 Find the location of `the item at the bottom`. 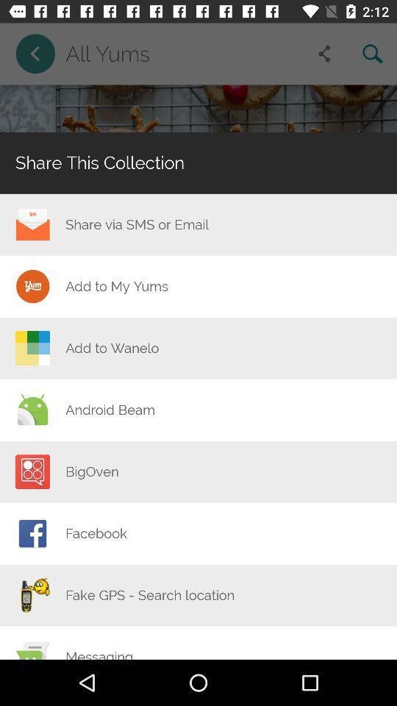

the item at the bottom is located at coordinates (149, 595).